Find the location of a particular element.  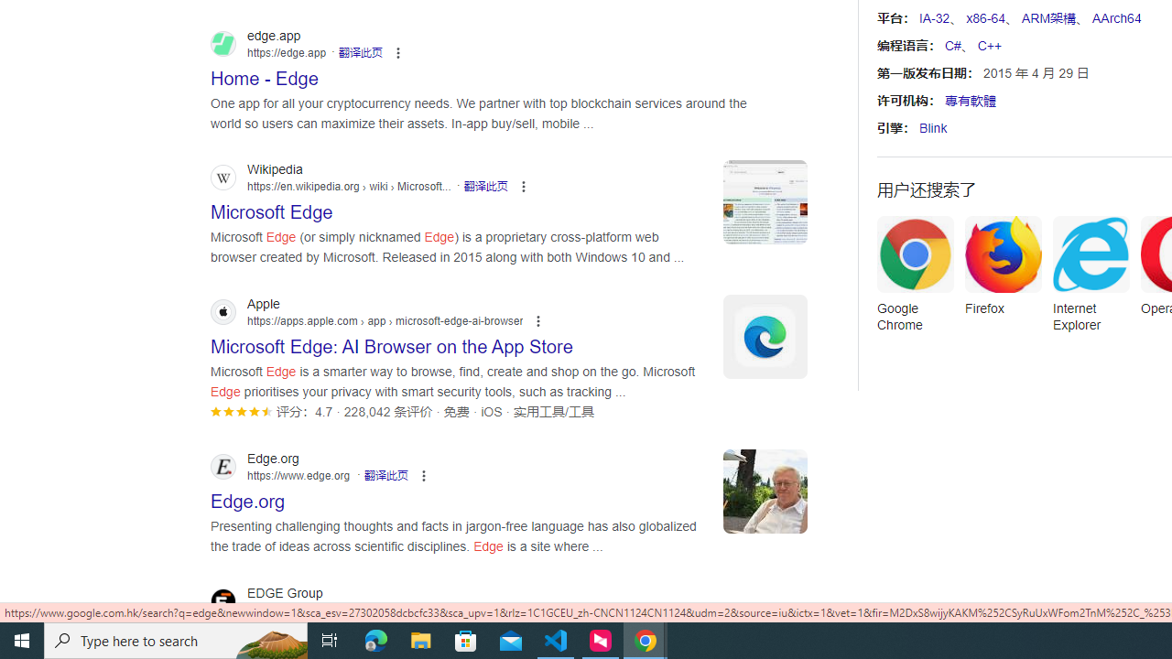

'C#' is located at coordinates (952, 45).